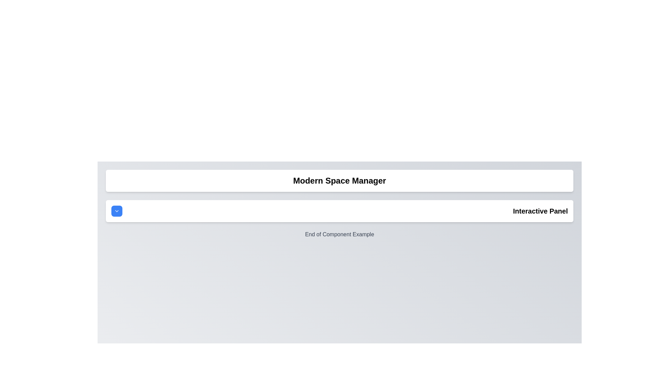 Image resolution: width=662 pixels, height=372 pixels. What do you see at coordinates (117, 211) in the screenshot?
I see `the Chevron Down SVG icon located within the button on the right side of the 'Interactive Panel'` at bounding box center [117, 211].